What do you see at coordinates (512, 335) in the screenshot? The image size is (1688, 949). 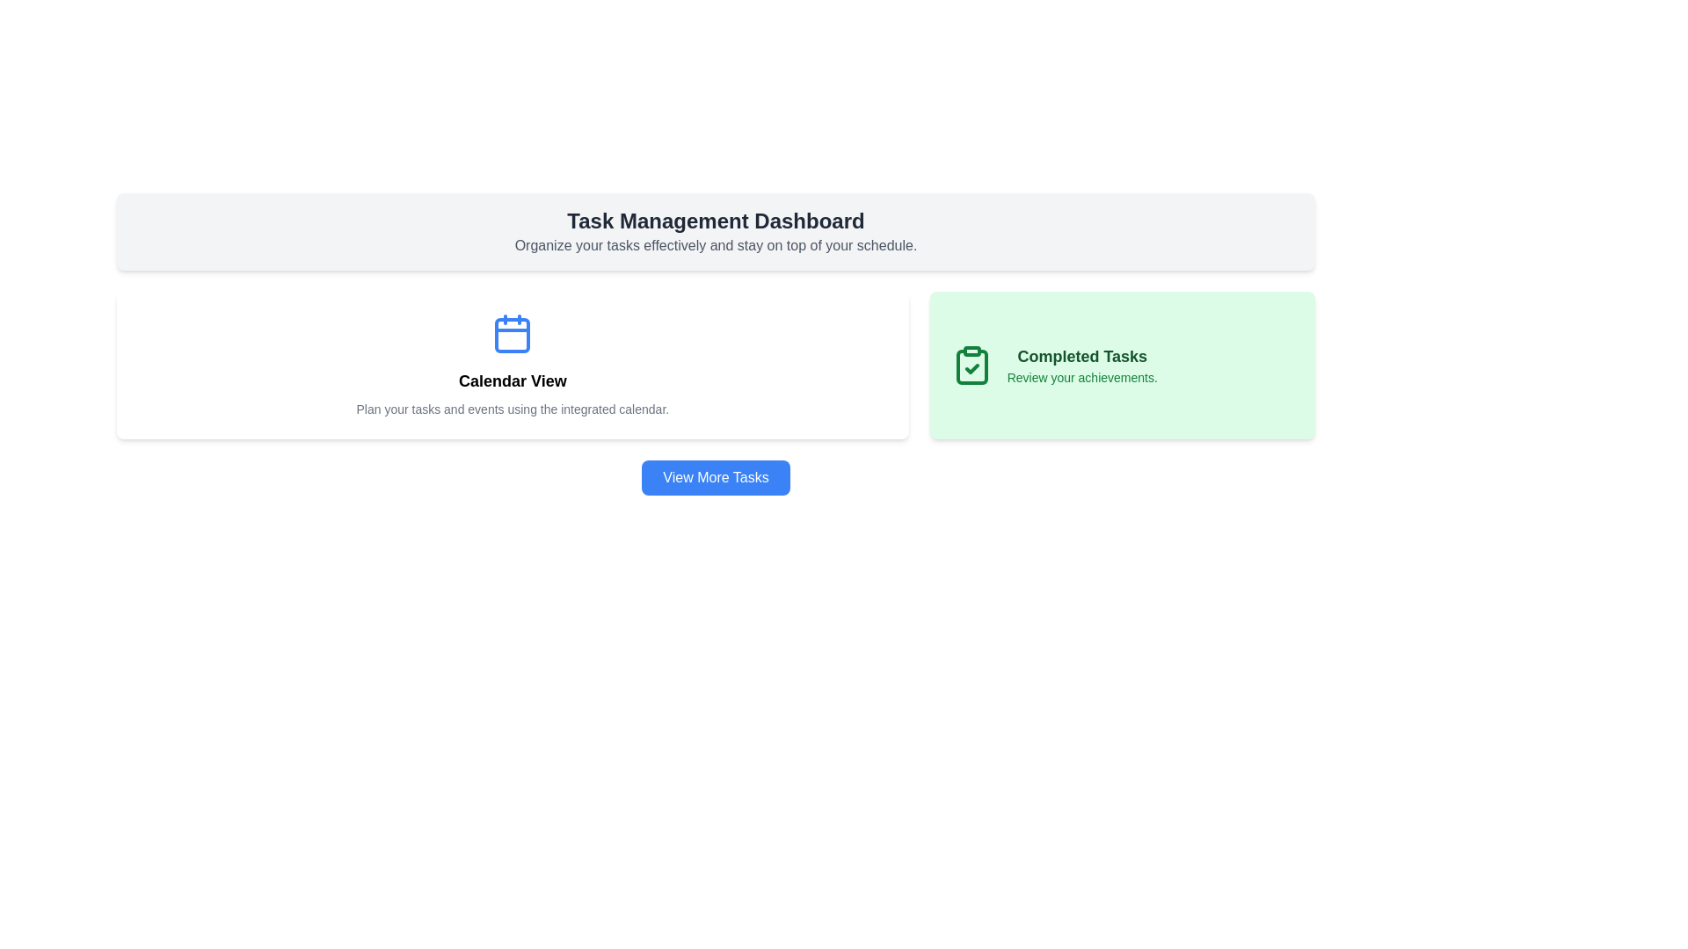 I see `the visual marker or date indicator within the calendar icon, which is located at the center of the calendar icon in the 'Calendar View' card on the dashboard` at bounding box center [512, 335].